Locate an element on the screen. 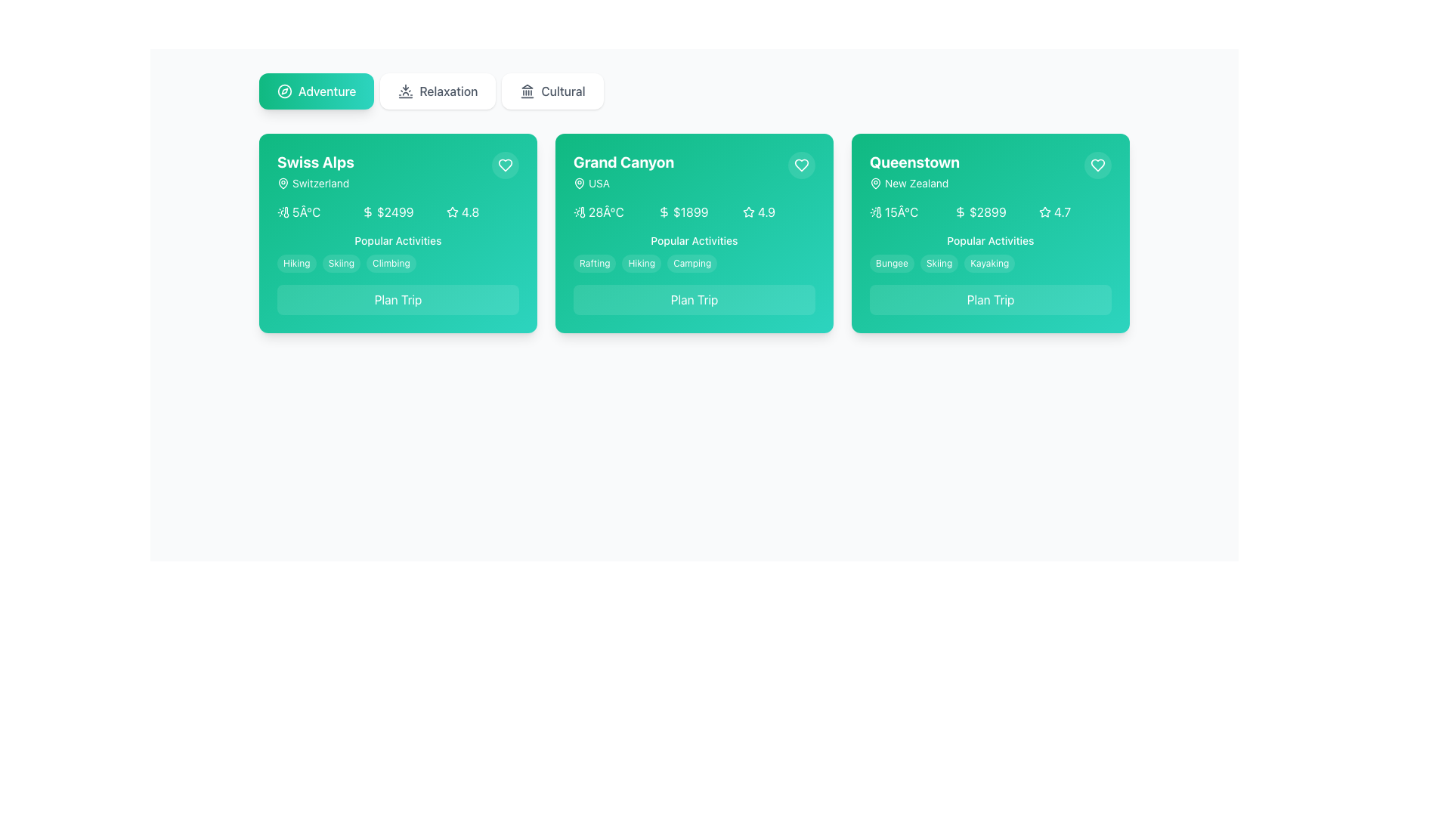  text of the 'Camping' label, which is a small rectangular label with rounded corners located in the 'Popular Activities' section of the 'Grand Canyon' card is located at coordinates (691, 262).